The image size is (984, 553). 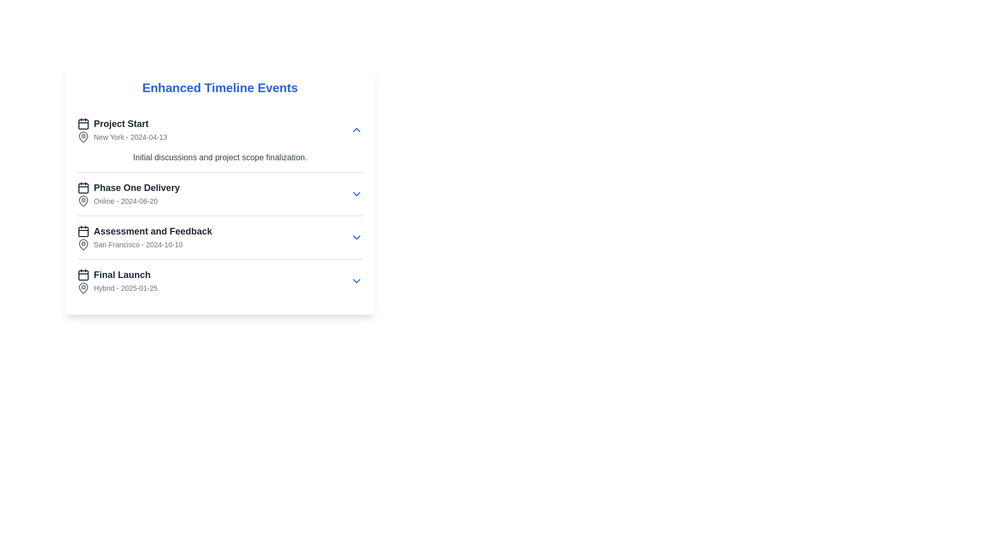 What do you see at coordinates (84, 231) in the screenshot?
I see `the thin-line rectangular shape with rounded edges that is part of the calendar icon located to the left of the 'Assessment and Feedback' timeline entry` at bounding box center [84, 231].